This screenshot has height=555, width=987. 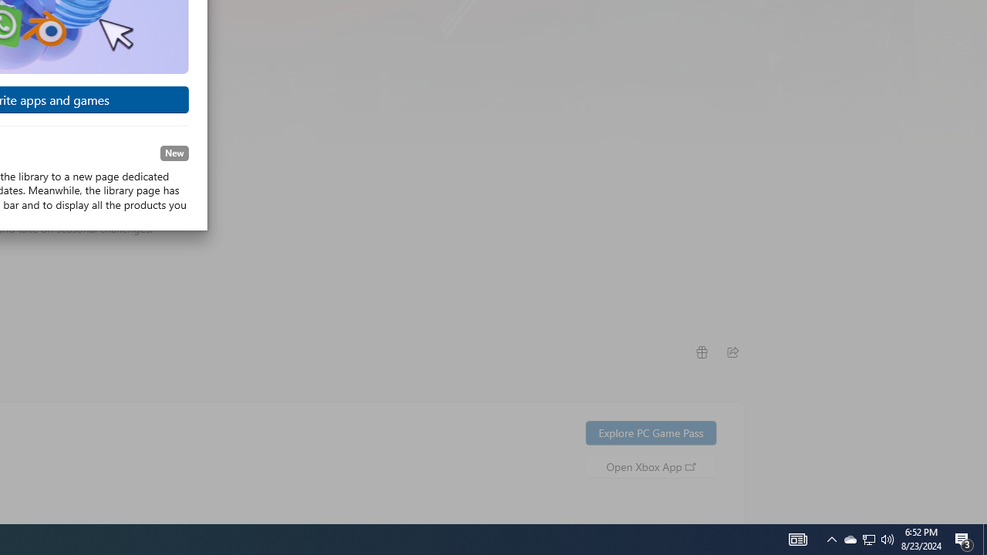 I want to click on 'Explore PC Game Pass', so click(x=651, y=432).